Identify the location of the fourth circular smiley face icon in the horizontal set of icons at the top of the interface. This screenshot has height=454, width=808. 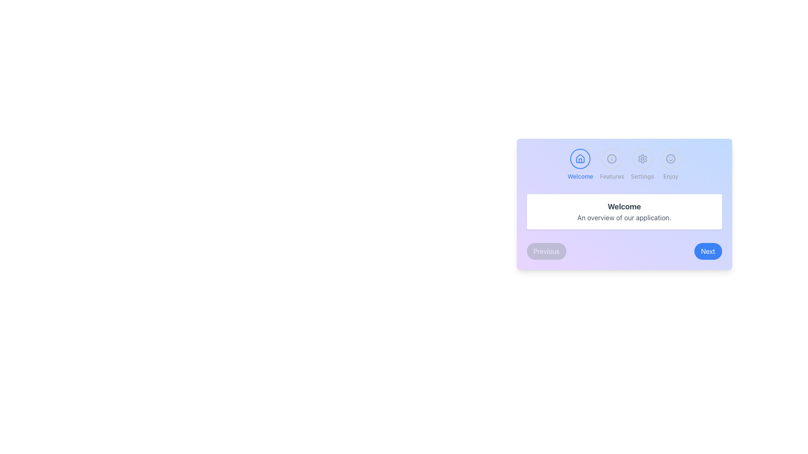
(670, 159).